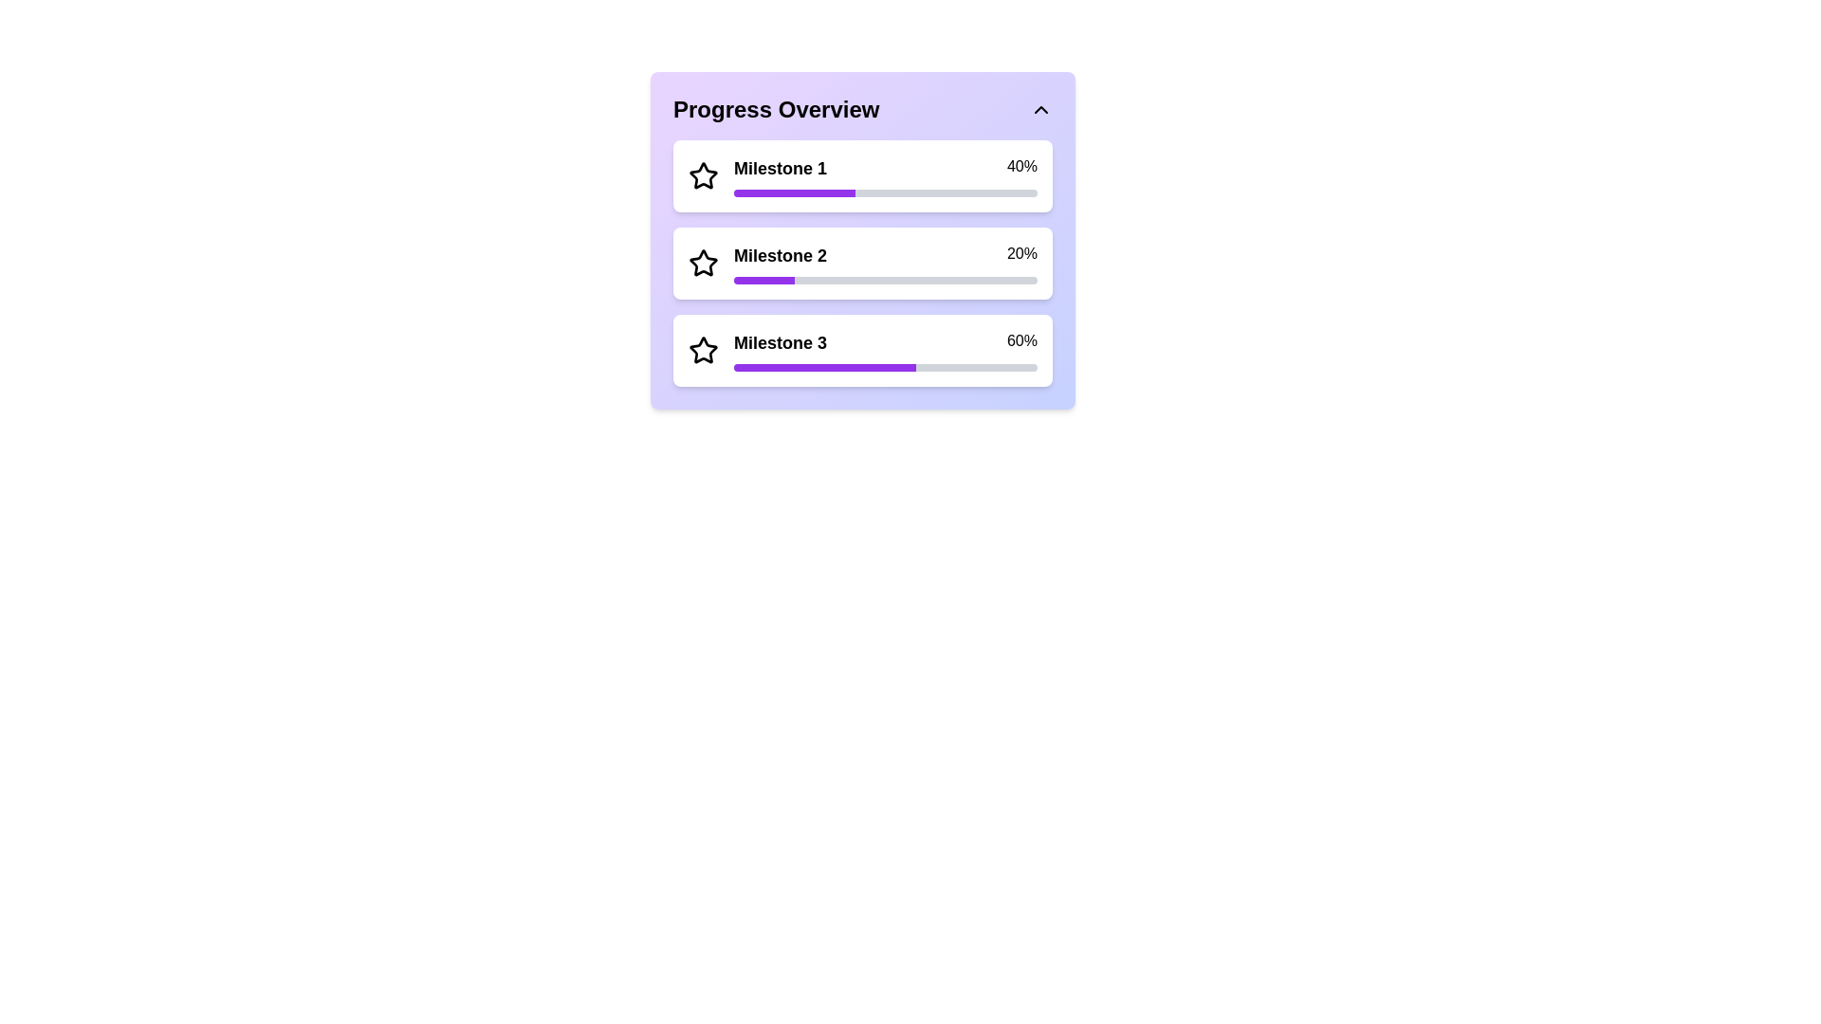 Image resolution: width=1821 pixels, height=1024 pixels. What do you see at coordinates (1040, 109) in the screenshot?
I see `the upward-pointing chevron toggle button located at the top-right corner of the 'Progress Overview' section header` at bounding box center [1040, 109].